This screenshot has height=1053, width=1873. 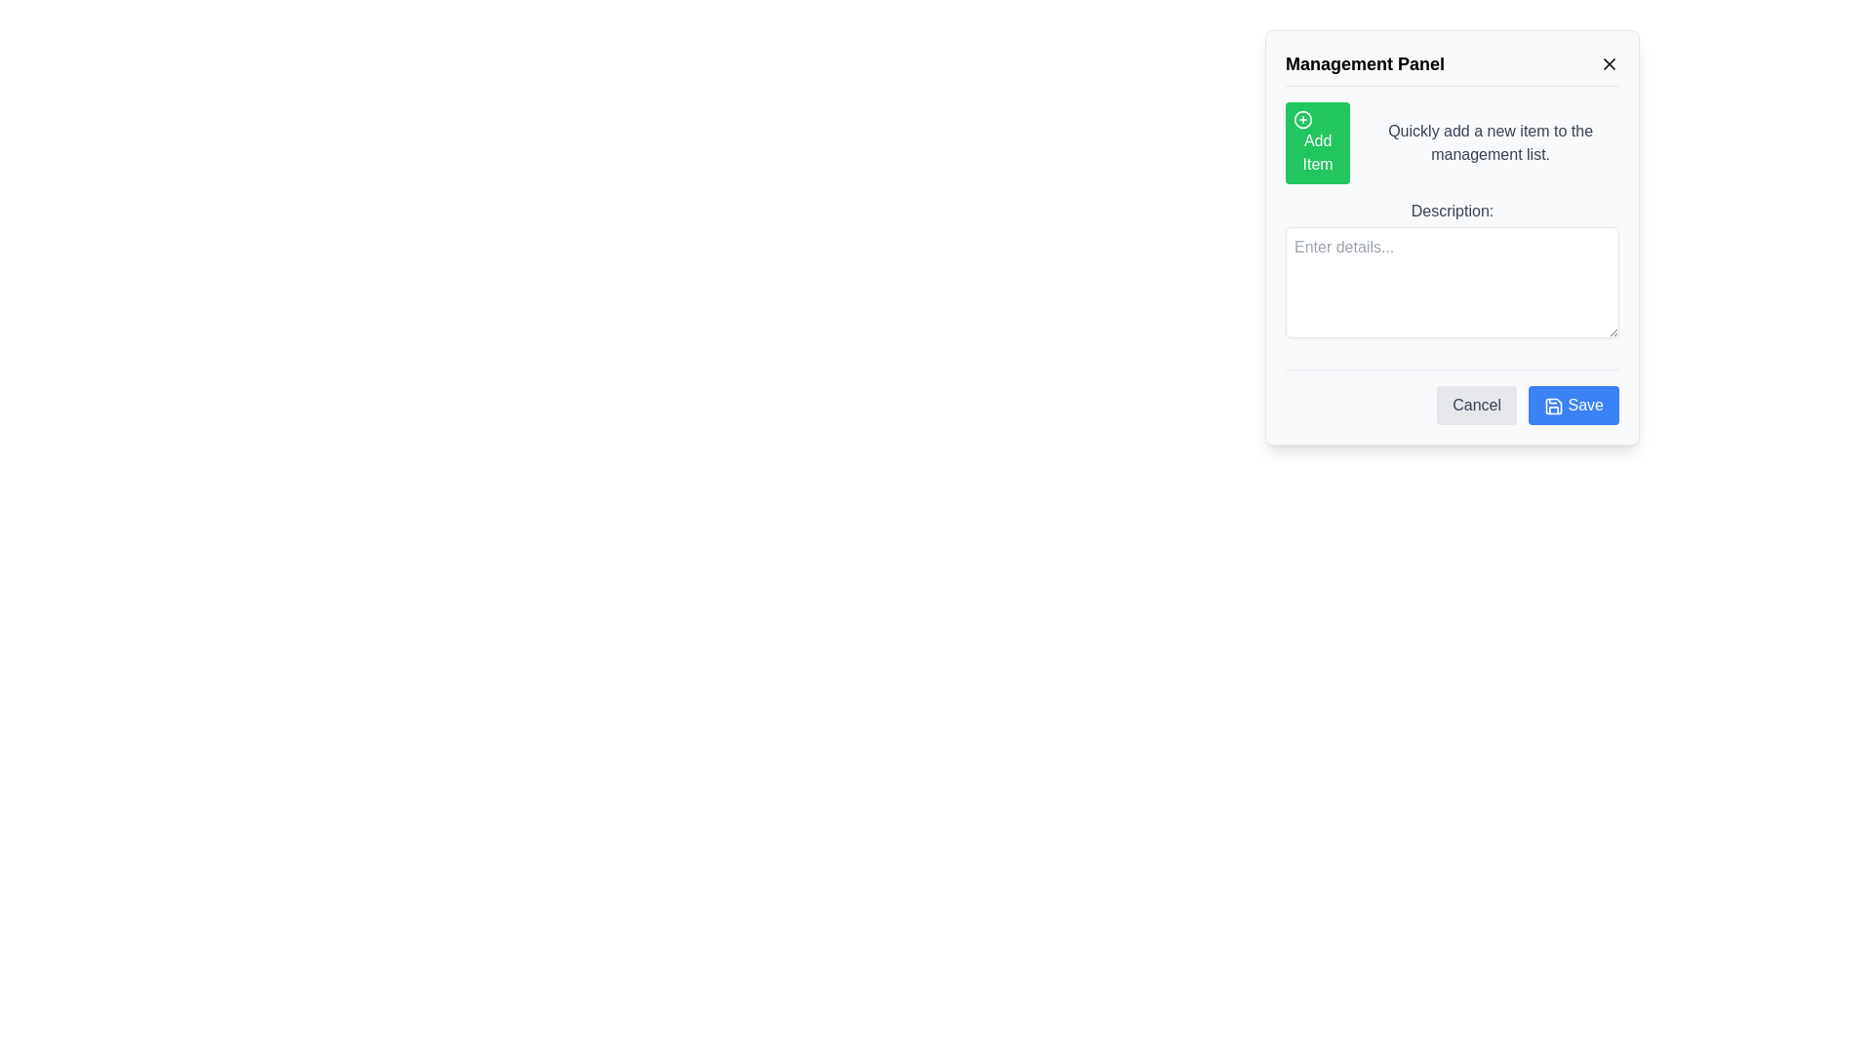 I want to click on the text label displaying the sentence 'Quickly add a new item to the management list.' which is styled in gray color and is positioned next to the 'Add Item' button in the 'Management Panel', so click(x=1490, y=141).